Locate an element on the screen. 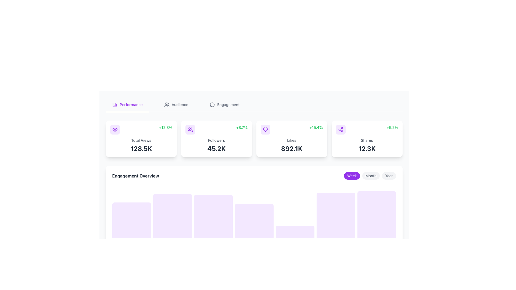 The image size is (516, 290). the likes icon located in the third card from the left, which represents the 'likes' metric for user engagement is located at coordinates (265, 129).